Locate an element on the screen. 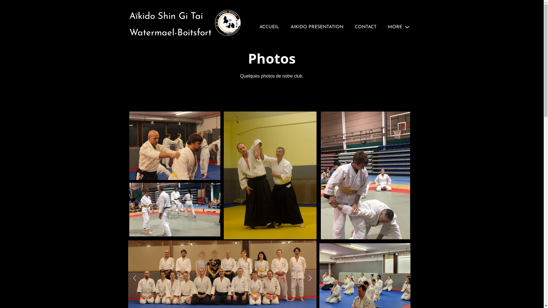 The width and height of the screenshot is (548, 308). 'MORE' is located at coordinates (398, 27).